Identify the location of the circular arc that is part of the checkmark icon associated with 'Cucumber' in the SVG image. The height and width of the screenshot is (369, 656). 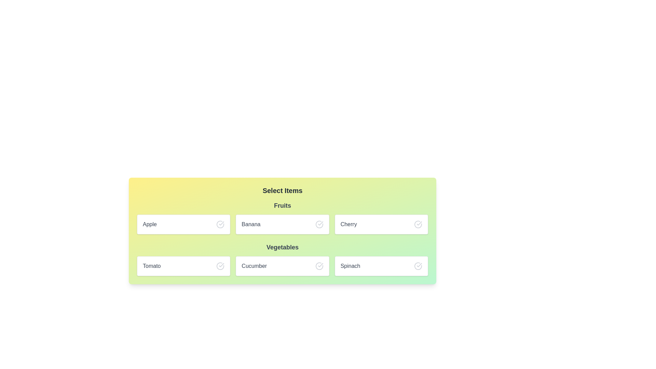
(319, 266).